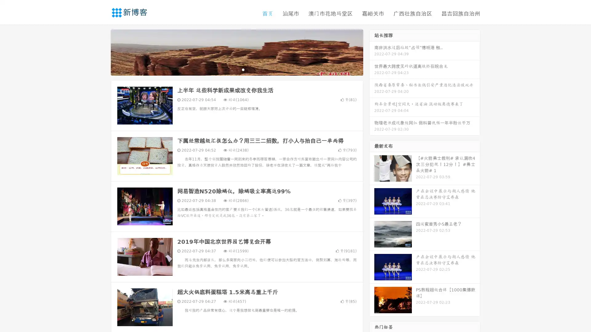  What do you see at coordinates (372, 52) in the screenshot?
I see `Next slide` at bounding box center [372, 52].